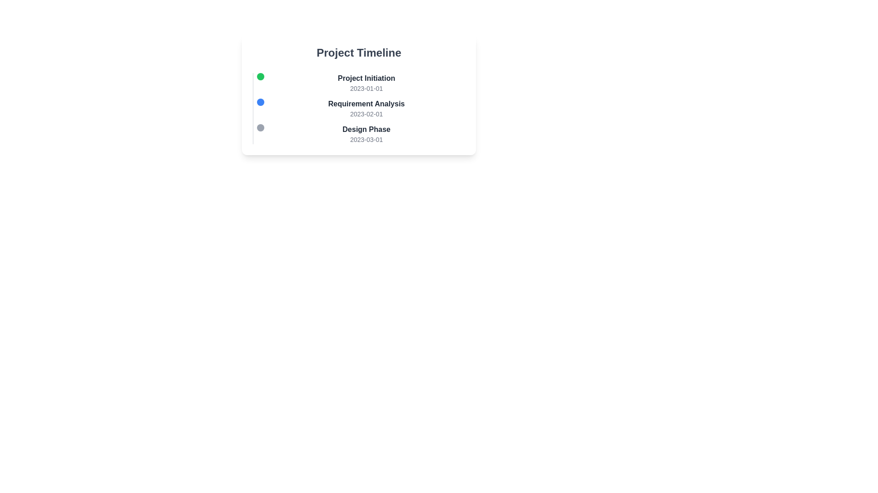 This screenshot has width=878, height=493. What do you see at coordinates (362, 108) in the screenshot?
I see `the Timeline entry labeled 'Requirement Analysis' dated '2023-02-01', which is the second item in the vertical timeline structure` at bounding box center [362, 108].